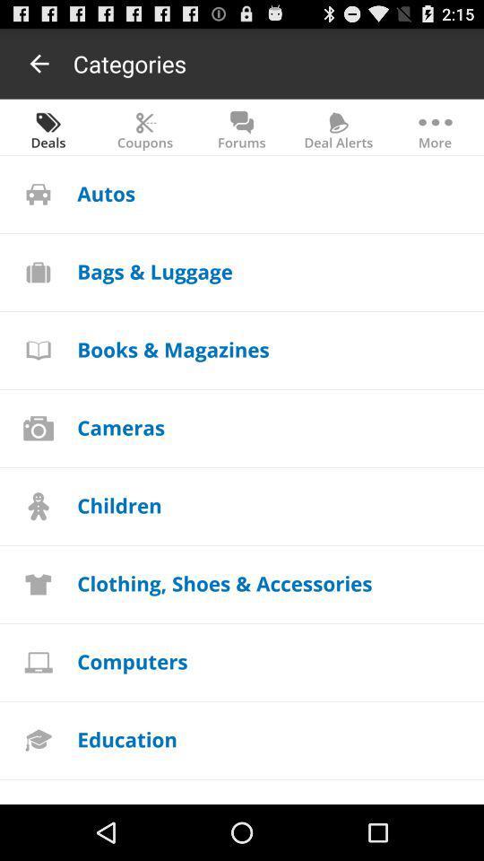 The image size is (484, 861). I want to click on app next to the categories, so click(39, 63).